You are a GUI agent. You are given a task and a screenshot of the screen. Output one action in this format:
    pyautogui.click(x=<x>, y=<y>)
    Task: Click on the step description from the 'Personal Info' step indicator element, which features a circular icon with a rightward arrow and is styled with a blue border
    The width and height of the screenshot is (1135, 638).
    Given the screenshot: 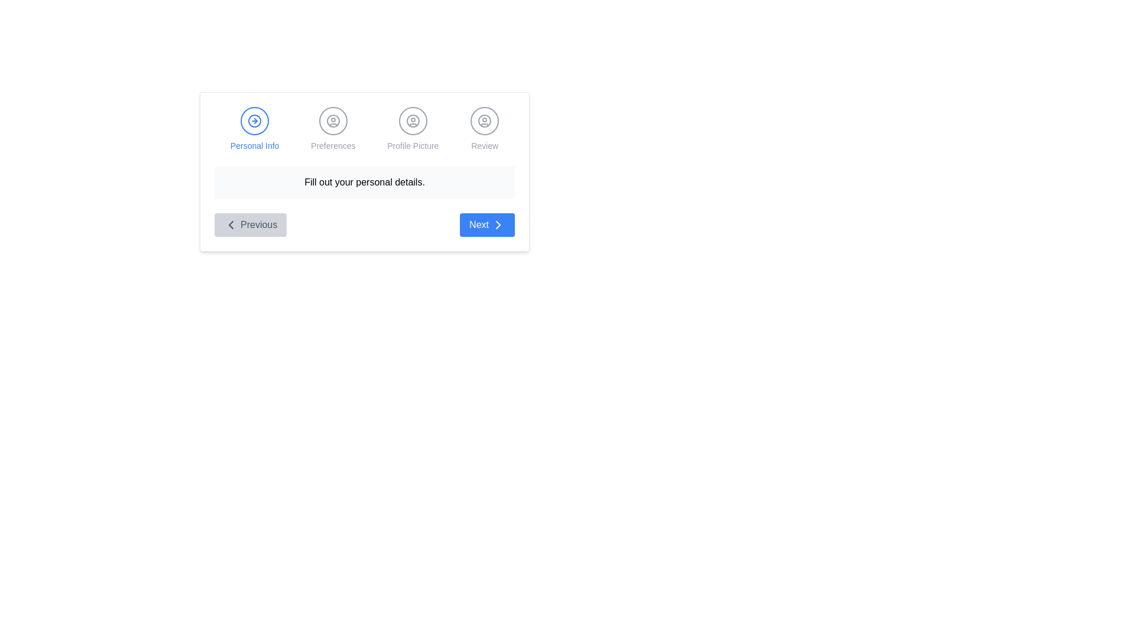 What is the action you would take?
    pyautogui.click(x=254, y=129)
    